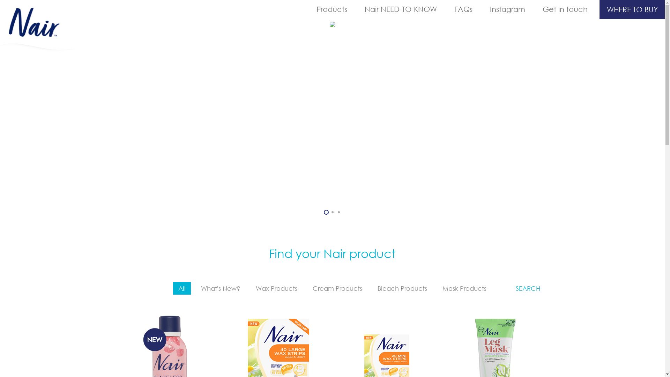 This screenshot has height=377, width=670. What do you see at coordinates (507, 9) in the screenshot?
I see `'Instagram'` at bounding box center [507, 9].